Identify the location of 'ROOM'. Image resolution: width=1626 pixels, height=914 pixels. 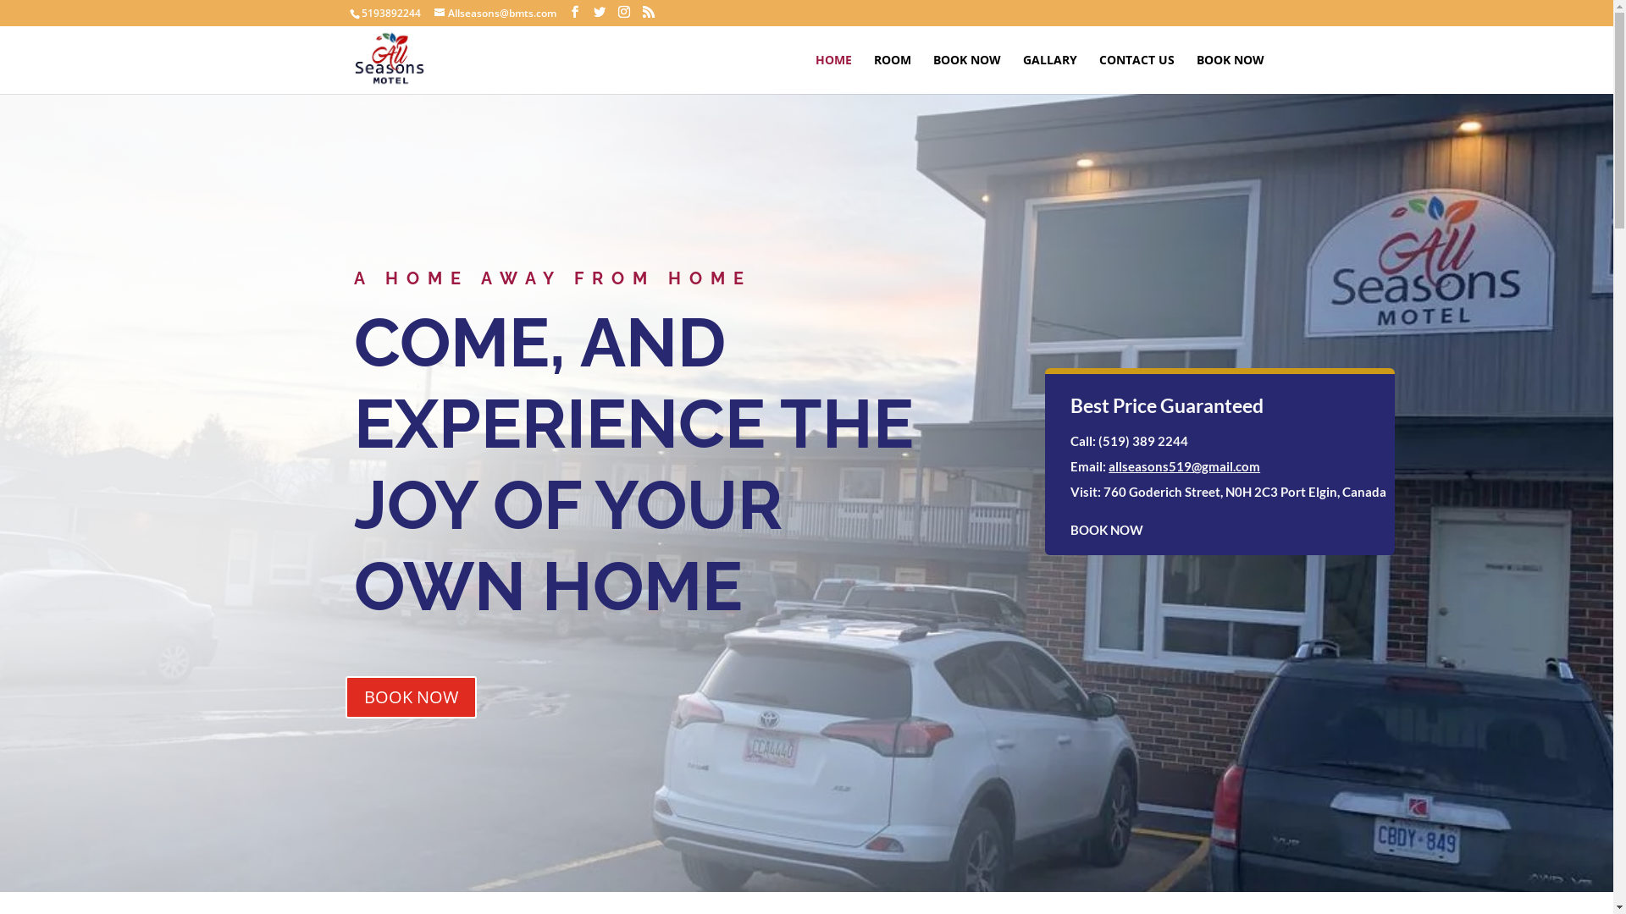
(874, 73).